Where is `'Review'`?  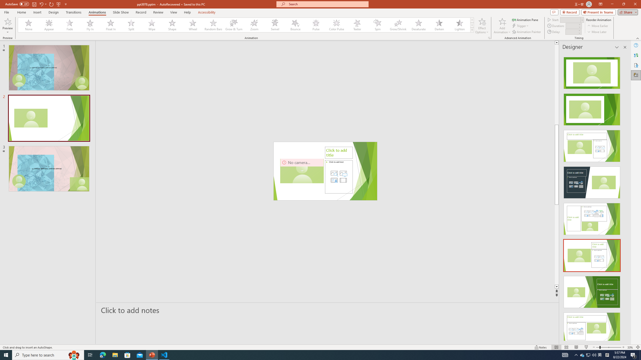 'Review' is located at coordinates (158, 12).